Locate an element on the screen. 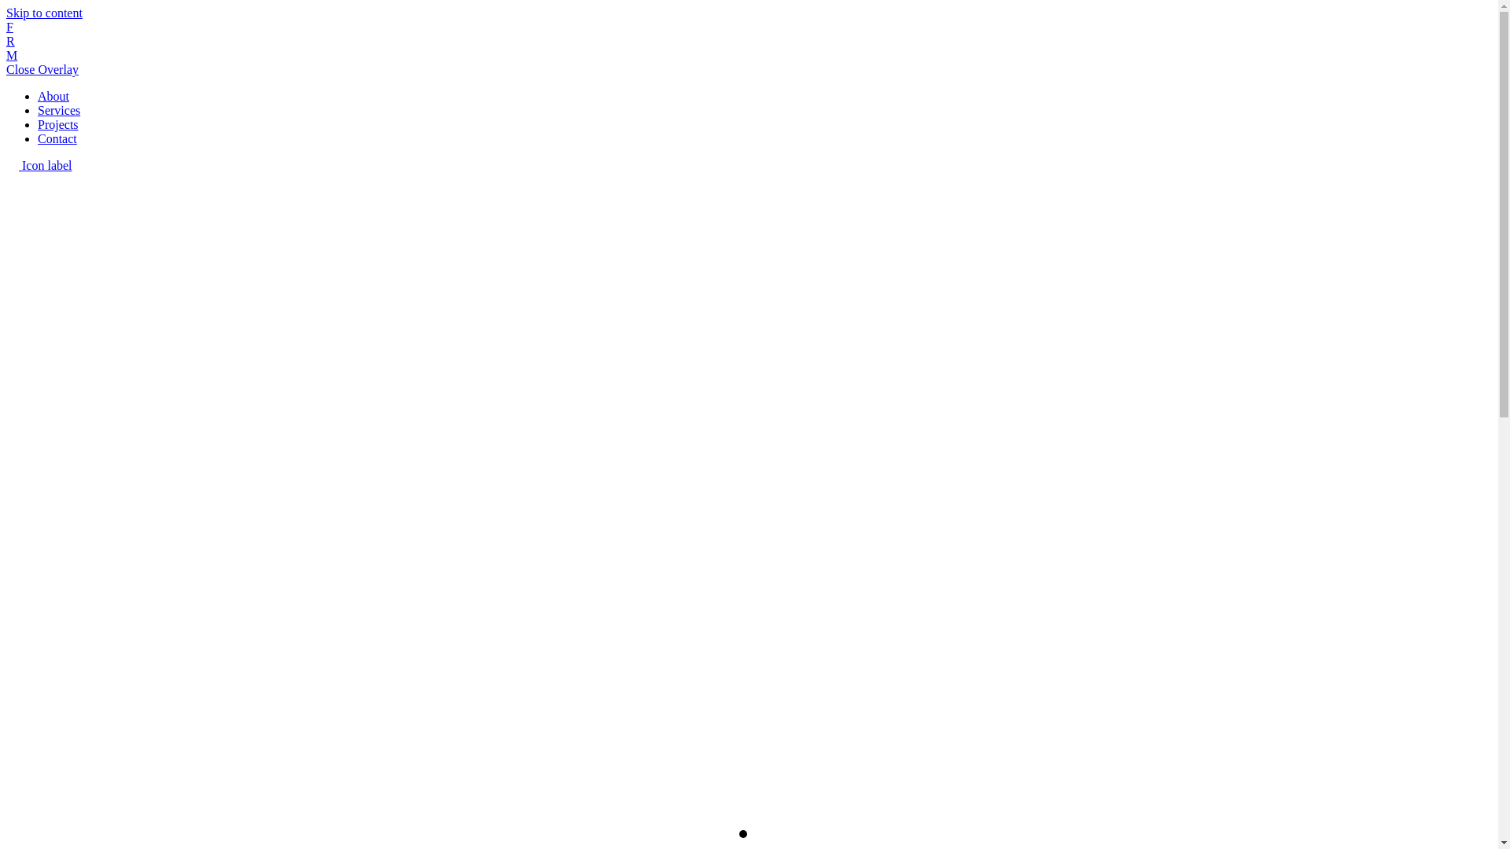 The height and width of the screenshot is (849, 1510). 'F is located at coordinates (748, 41).